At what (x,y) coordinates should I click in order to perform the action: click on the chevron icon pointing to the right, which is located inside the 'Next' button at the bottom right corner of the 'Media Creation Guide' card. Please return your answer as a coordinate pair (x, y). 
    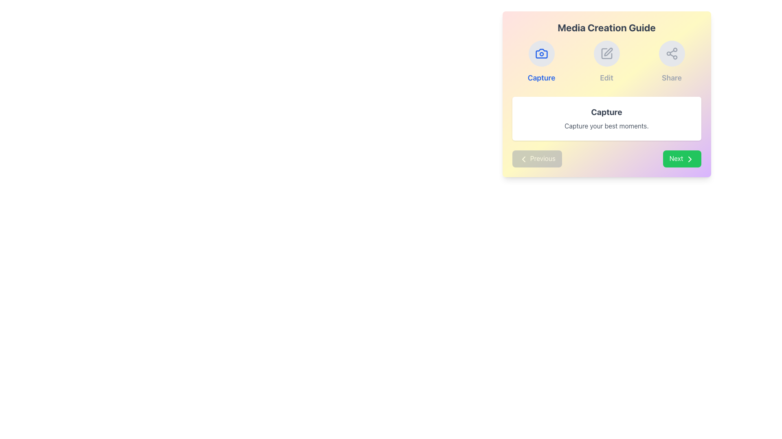
    Looking at the image, I should click on (689, 159).